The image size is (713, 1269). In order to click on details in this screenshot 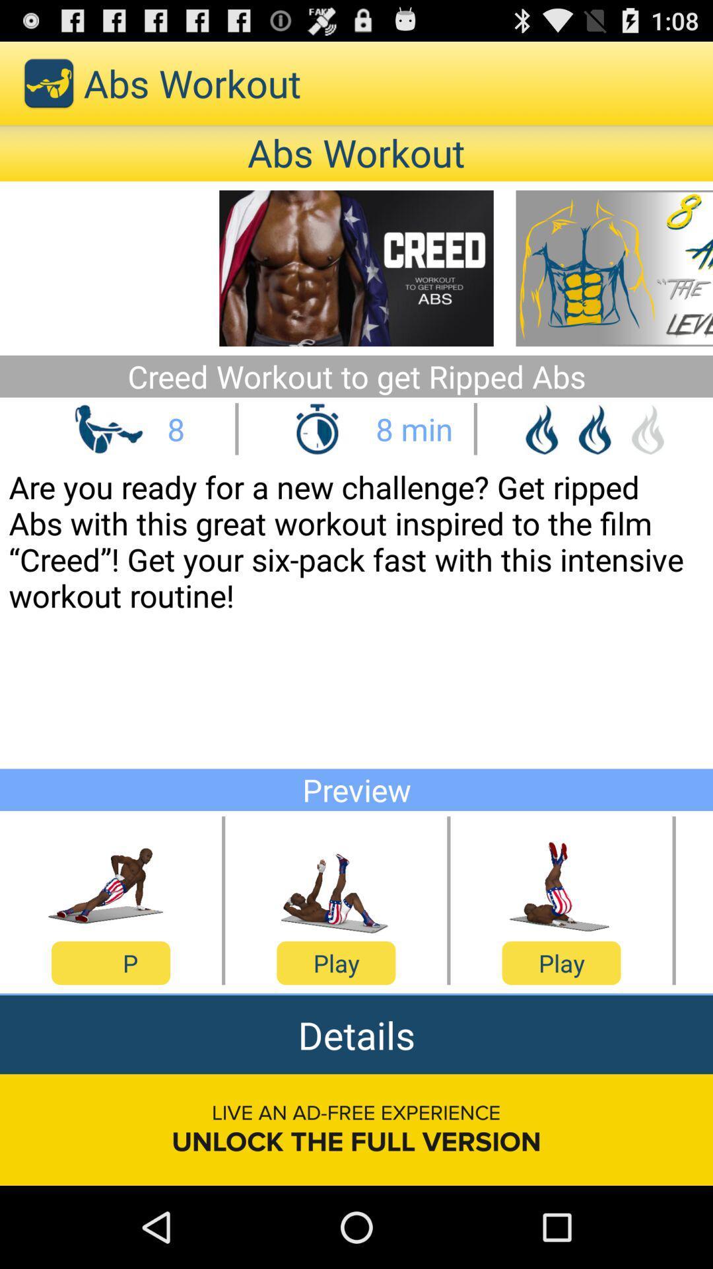, I will do `click(356, 1034)`.